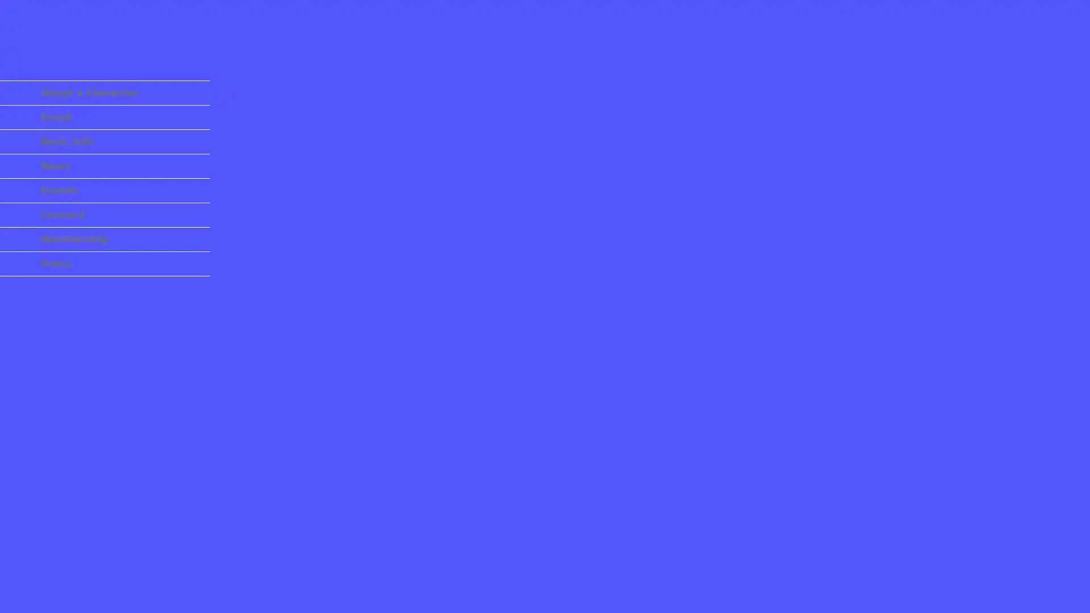 The image size is (1090, 613). I want to click on U+042E, so click(605, 486).